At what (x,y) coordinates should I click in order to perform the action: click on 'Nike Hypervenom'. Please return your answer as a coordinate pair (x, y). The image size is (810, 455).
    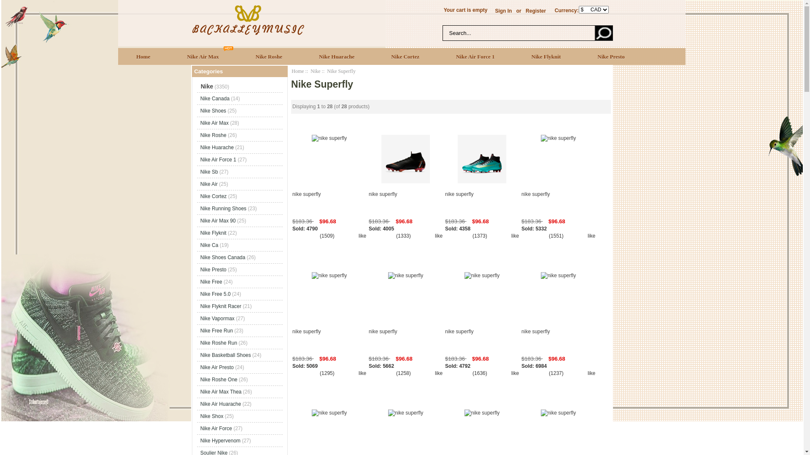
    Looking at the image, I should click on (200, 440).